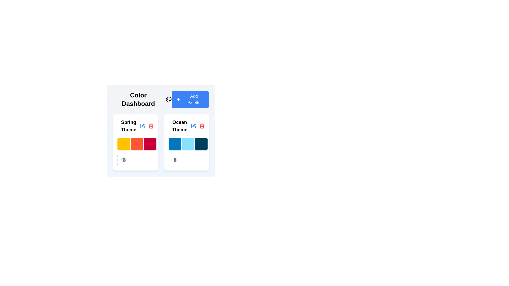 This screenshot has height=286, width=509. What do you see at coordinates (179, 126) in the screenshot?
I see `the Text label that presents the title or name of the associated theme or palette, located in the title section of the second card, above color swatches` at bounding box center [179, 126].